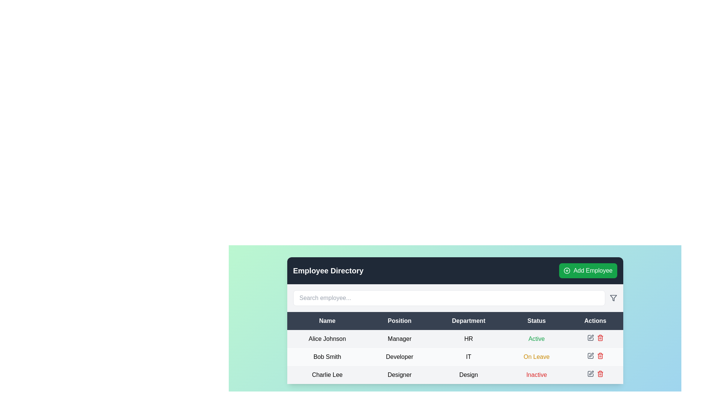 The image size is (720, 405). What do you see at coordinates (590, 338) in the screenshot?
I see `the edit icon button located in the 'Actions' column of the first row associated with 'Alice Johnson' to initiate the edit action` at bounding box center [590, 338].